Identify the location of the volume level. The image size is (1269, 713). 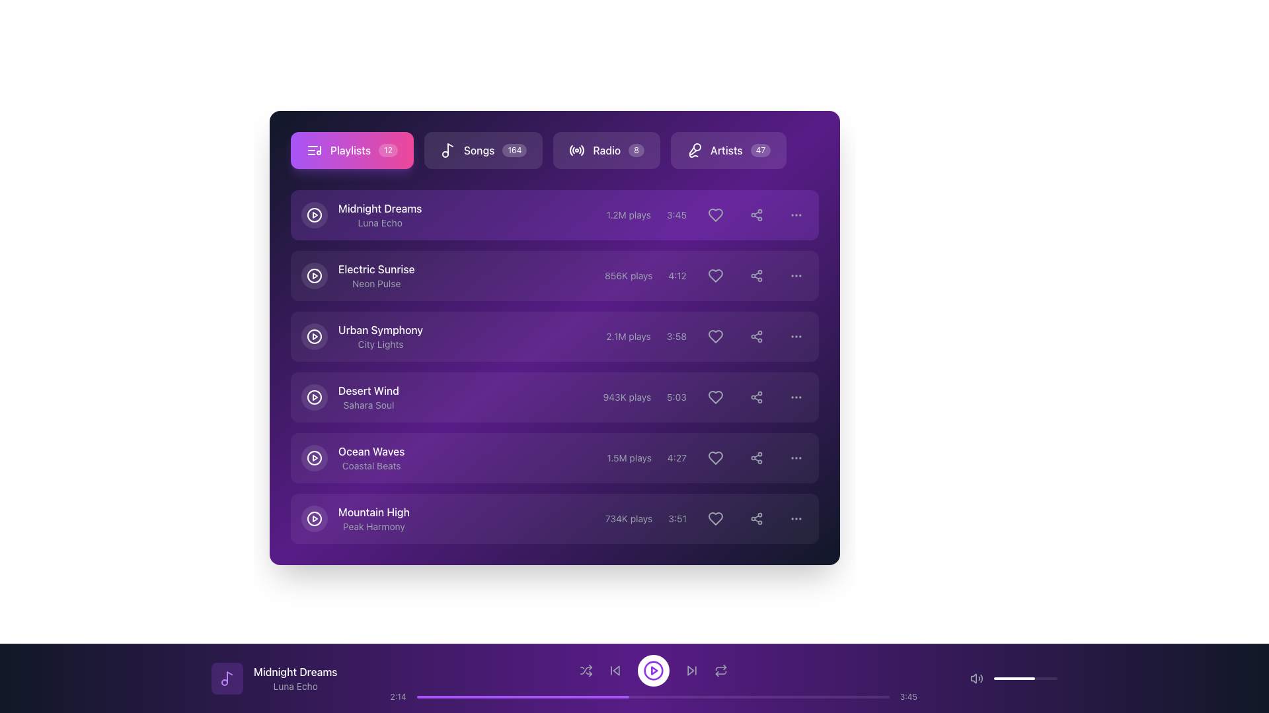
(1045, 679).